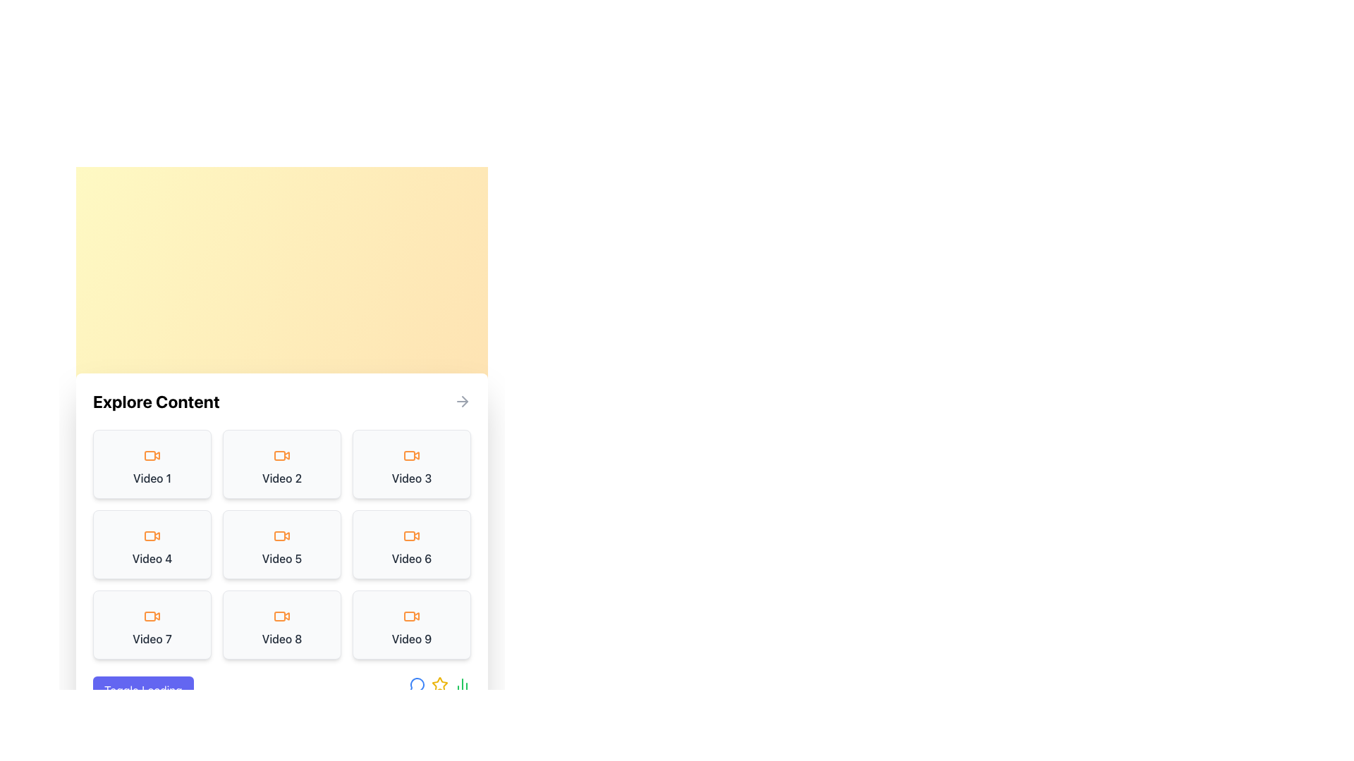 The height and width of the screenshot is (761, 1354). I want to click on the card element labeled 'Video 9' in the last column of the last row, so click(411, 624).